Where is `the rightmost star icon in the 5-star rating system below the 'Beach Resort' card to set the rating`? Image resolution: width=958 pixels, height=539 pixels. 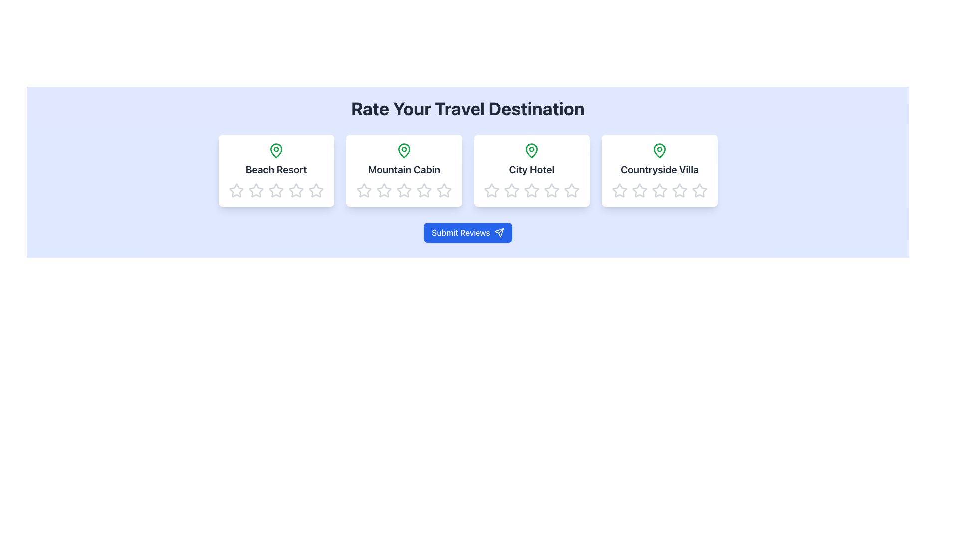
the rightmost star icon in the 5-star rating system below the 'Beach Resort' card to set the rating is located at coordinates (315, 190).